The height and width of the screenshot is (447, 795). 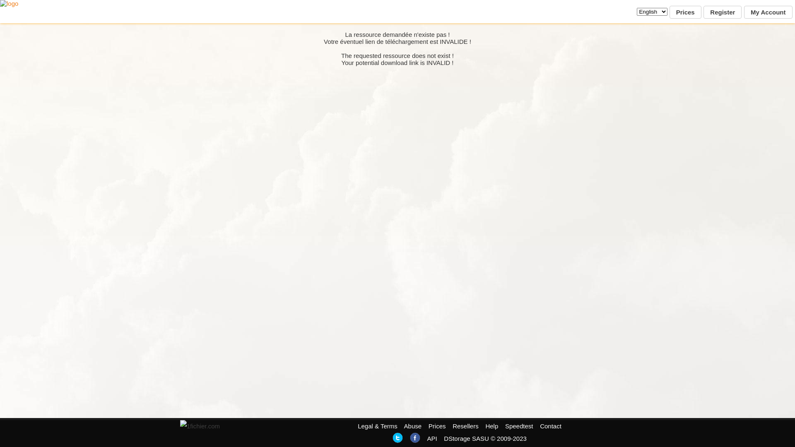 What do you see at coordinates (437, 426) in the screenshot?
I see `'Prices'` at bounding box center [437, 426].